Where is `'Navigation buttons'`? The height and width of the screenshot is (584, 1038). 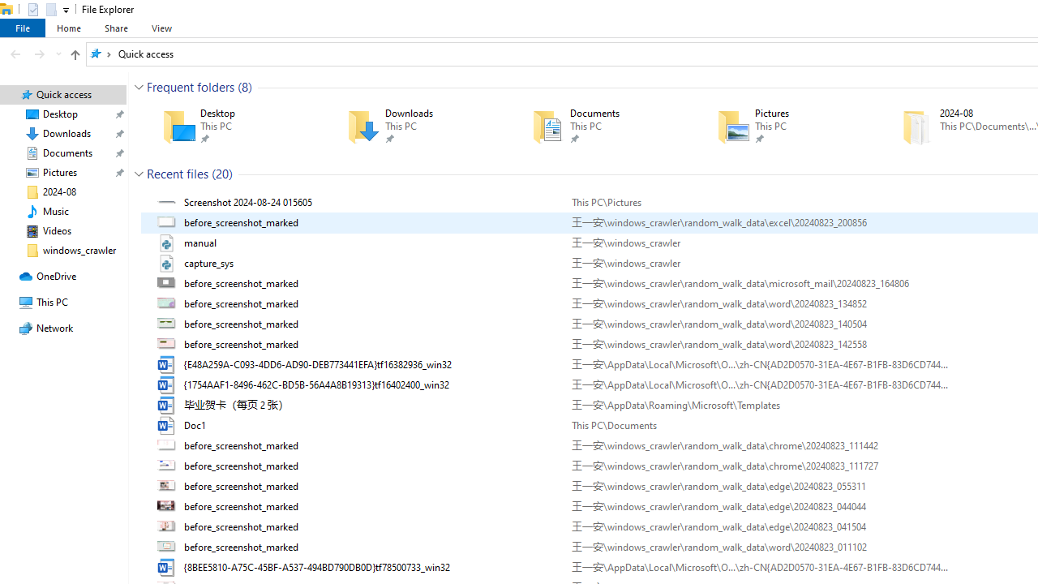
'Navigation buttons' is located at coordinates (34, 53).